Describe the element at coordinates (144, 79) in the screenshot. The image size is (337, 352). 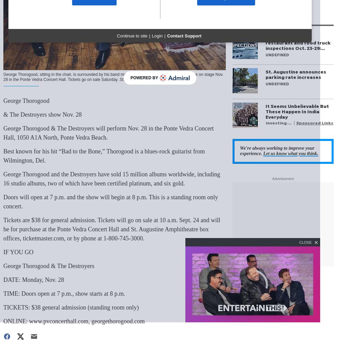
I see `'Powered By'` at that location.